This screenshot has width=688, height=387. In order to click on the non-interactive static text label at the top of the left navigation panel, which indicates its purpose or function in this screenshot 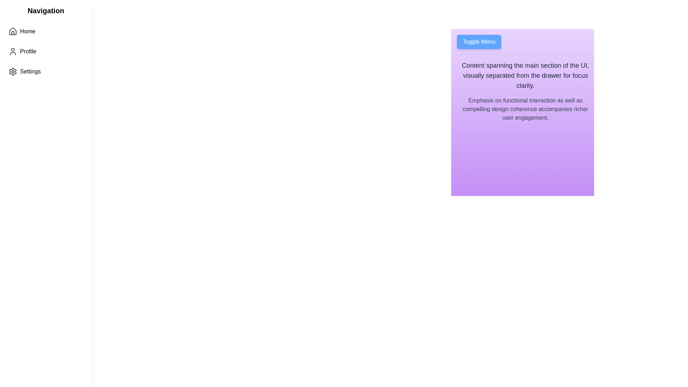, I will do `click(46, 11)`.